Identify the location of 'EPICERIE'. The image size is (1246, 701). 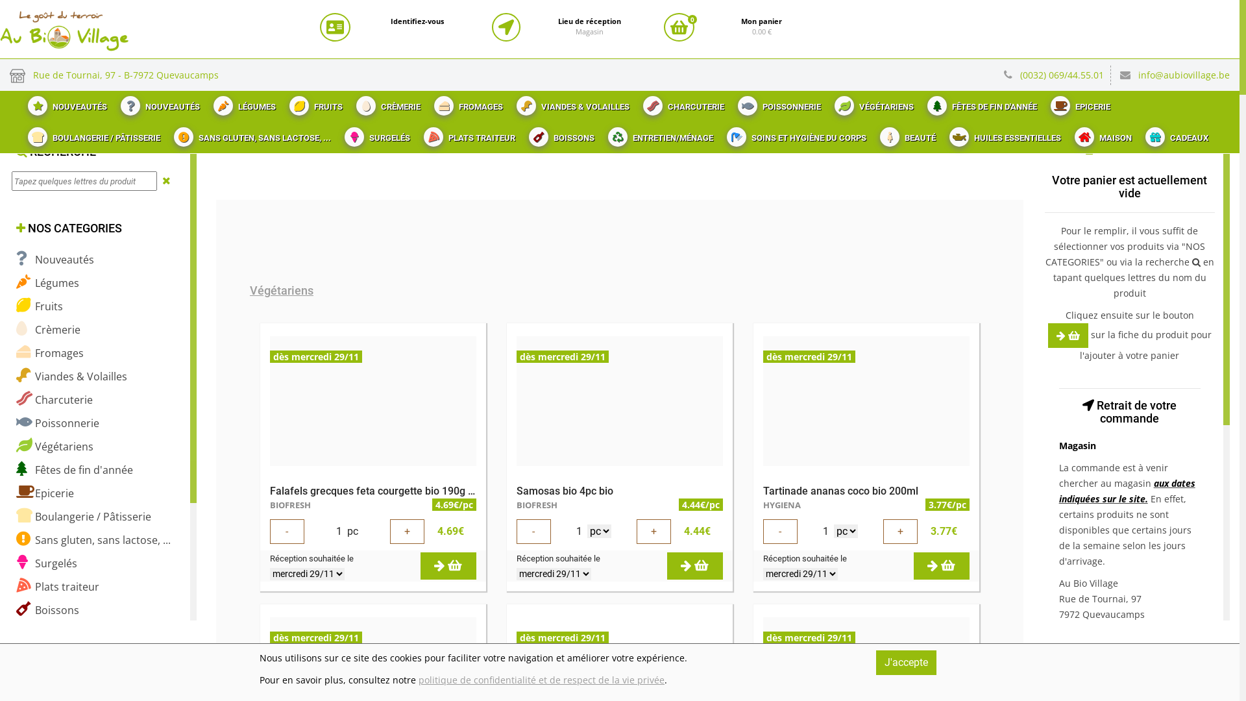
(1042, 102).